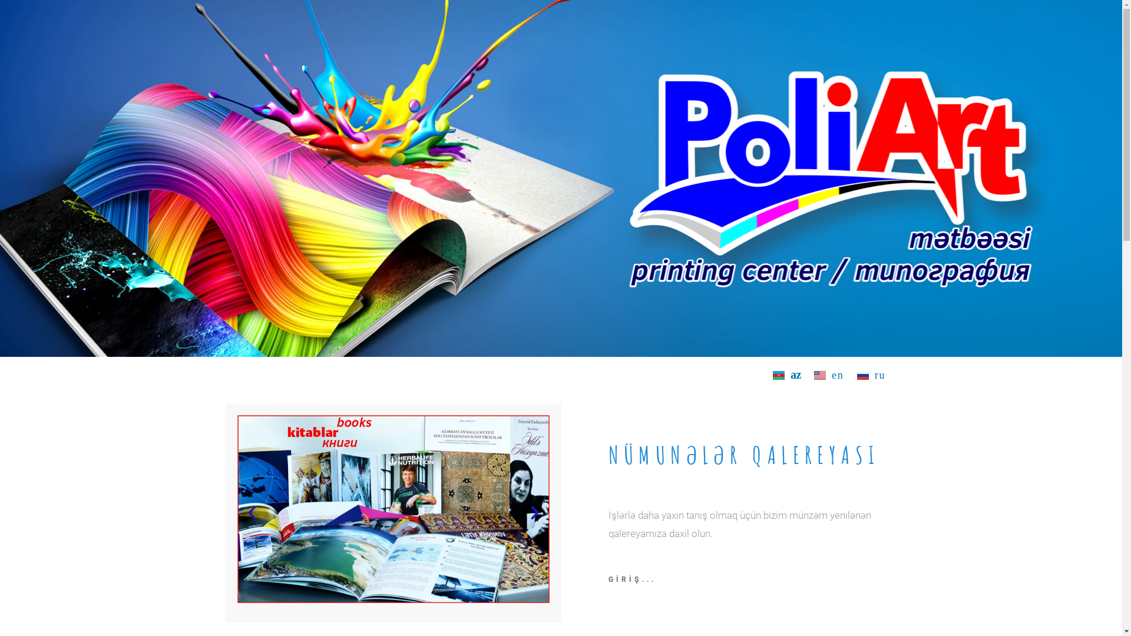 Image resolution: width=1131 pixels, height=636 pixels. What do you see at coordinates (828, 375) in the screenshot?
I see `'en'` at bounding box center [828, 375].